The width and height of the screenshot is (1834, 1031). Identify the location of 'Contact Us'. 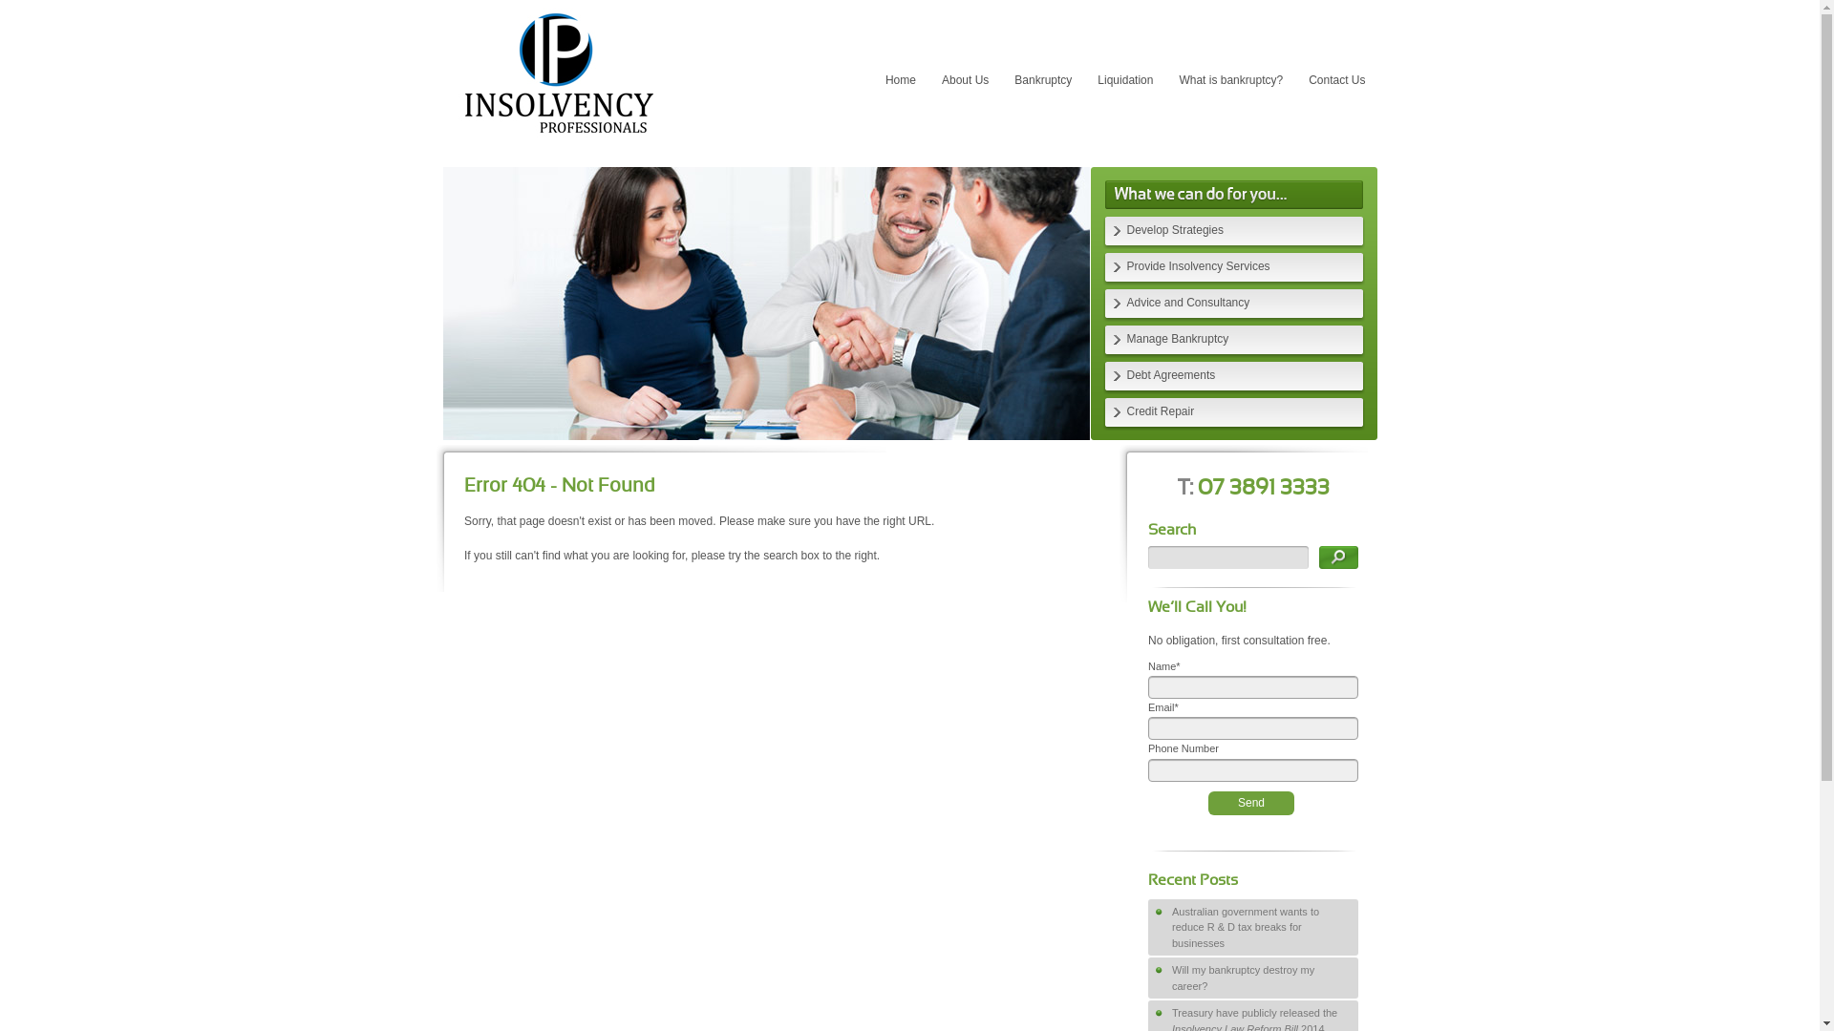
(1297, 79).